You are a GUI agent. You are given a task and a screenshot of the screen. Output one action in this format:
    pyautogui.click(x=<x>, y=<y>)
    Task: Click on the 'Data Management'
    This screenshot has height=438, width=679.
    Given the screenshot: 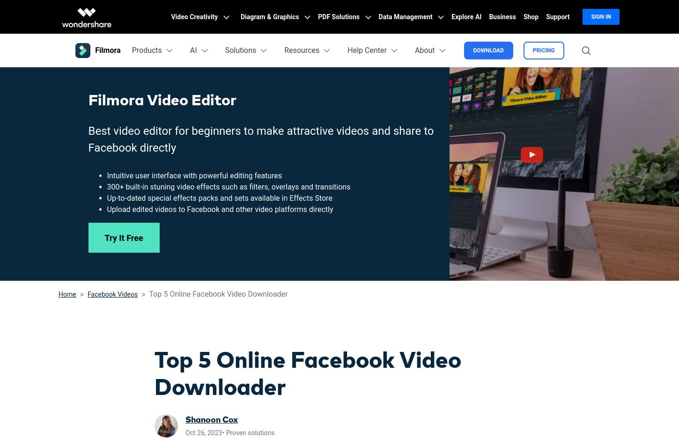 What is the action you would take?
    pyautogui.click(x=406, y=16)
    